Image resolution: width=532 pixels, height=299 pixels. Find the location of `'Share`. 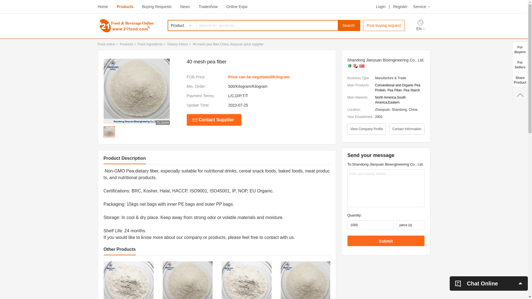

'Share is located at coordinates (520, 79).